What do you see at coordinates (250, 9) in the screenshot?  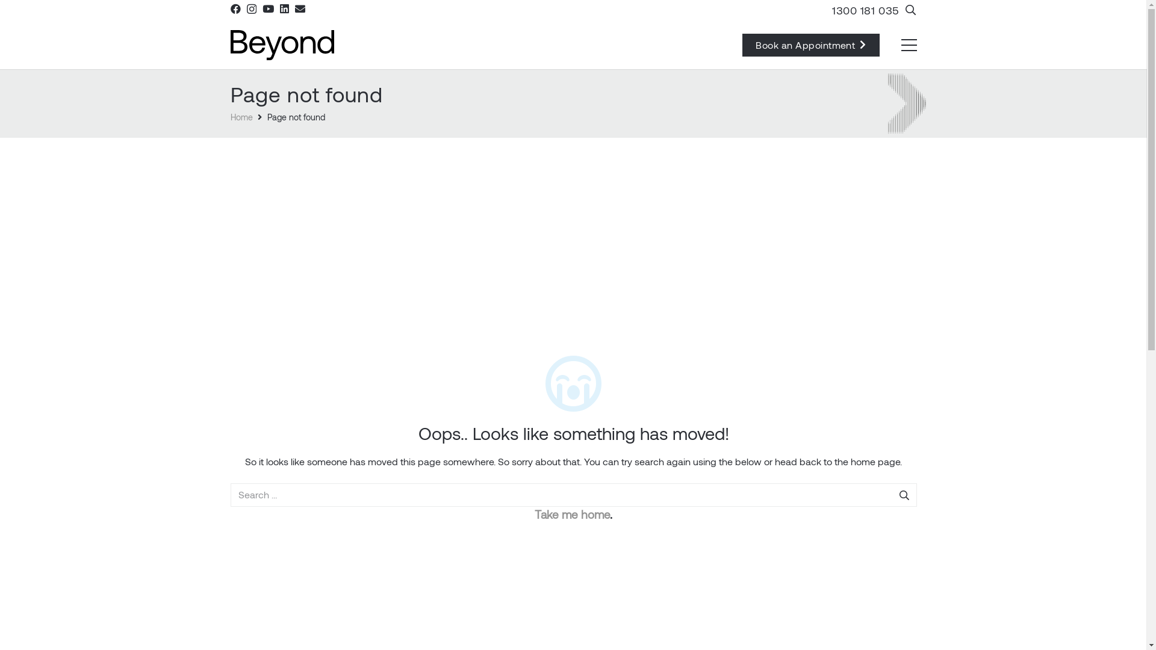 I see `'Instagram'` at bounding box center [250, 9].